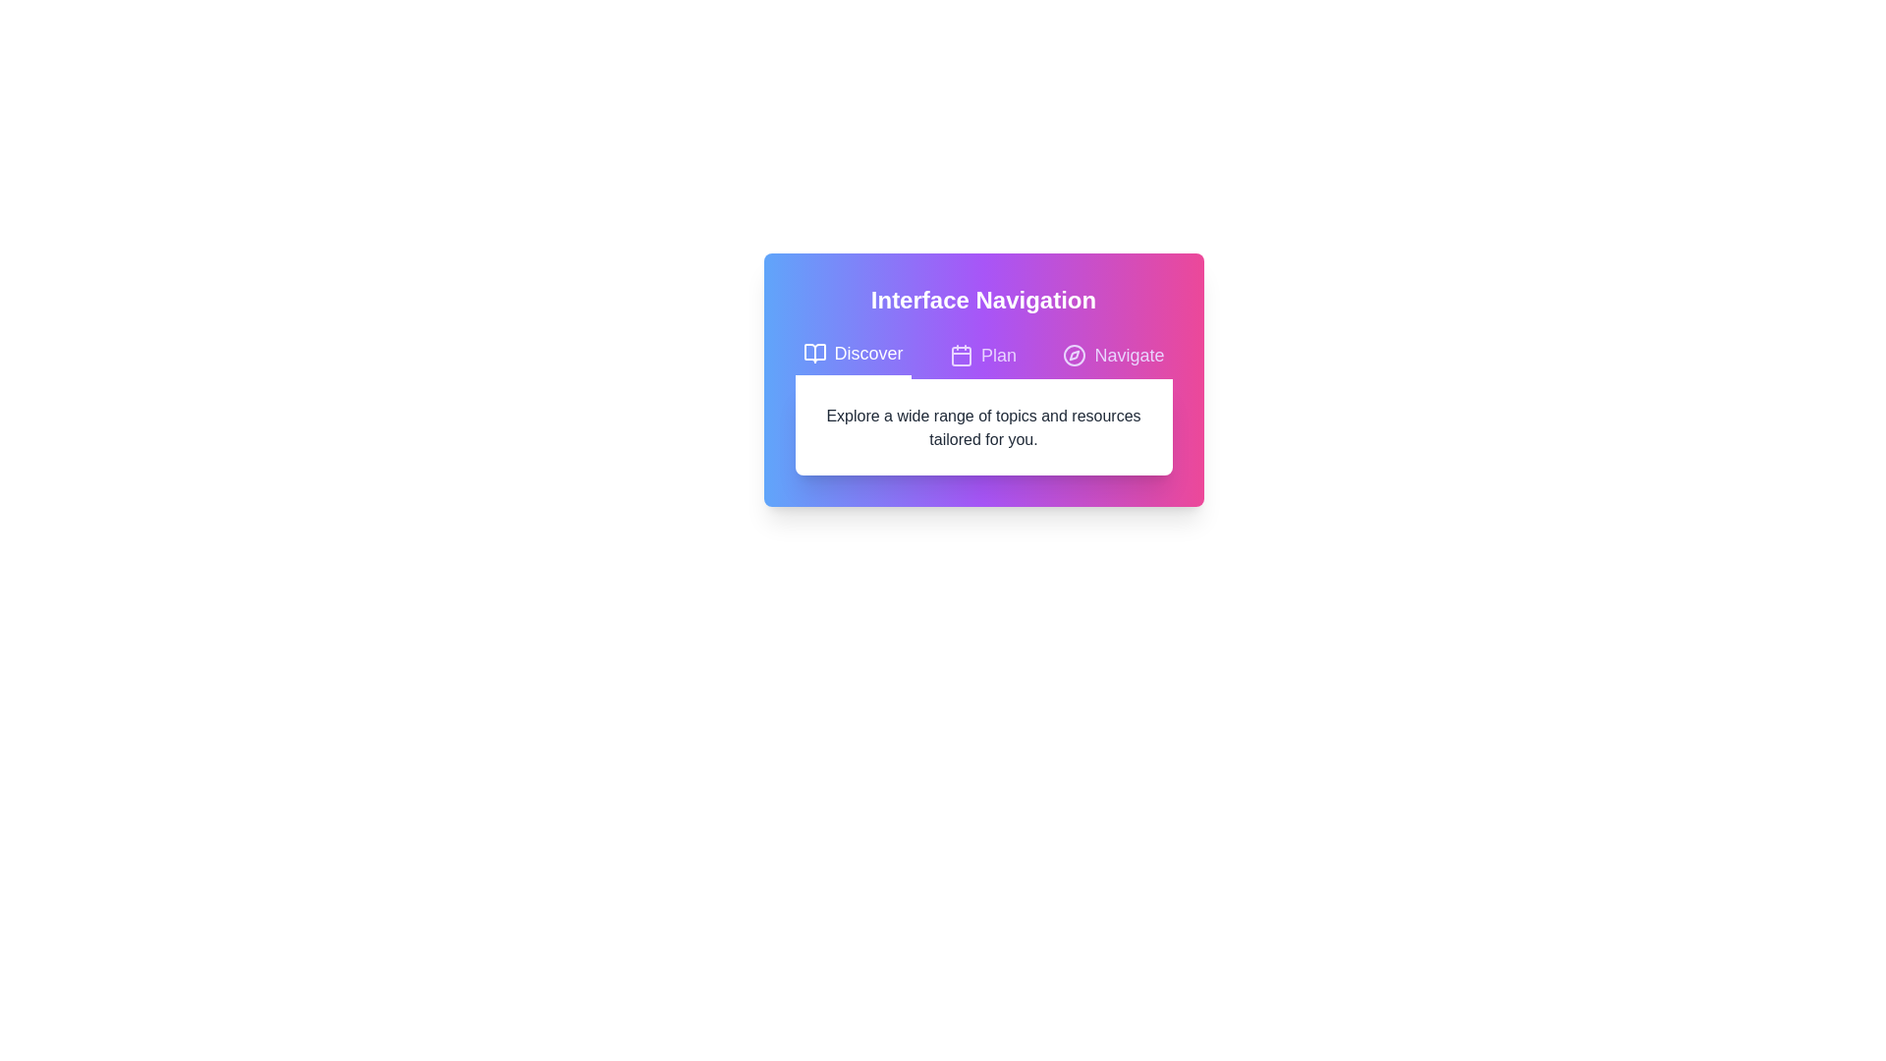 The image size is (1886, 1061). What do you see at coordinates (1074, 356) in the screenshot?
I see `the decorative circular component of the compass icon in the 'Navigate' section of the interface, located in the top-right quadrant of the card interface titled 'Interface Navigation'` at bounding box center [1074, 356].